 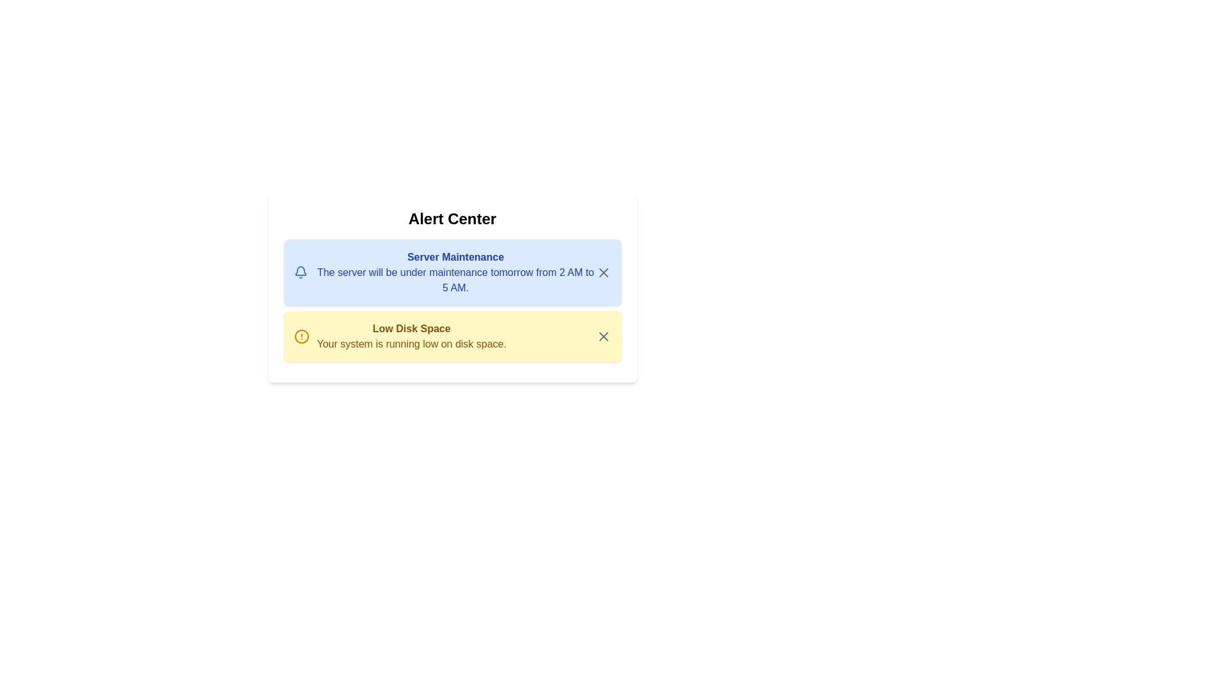 I want to click on the alert to view its details, so click(x=452, y=272).